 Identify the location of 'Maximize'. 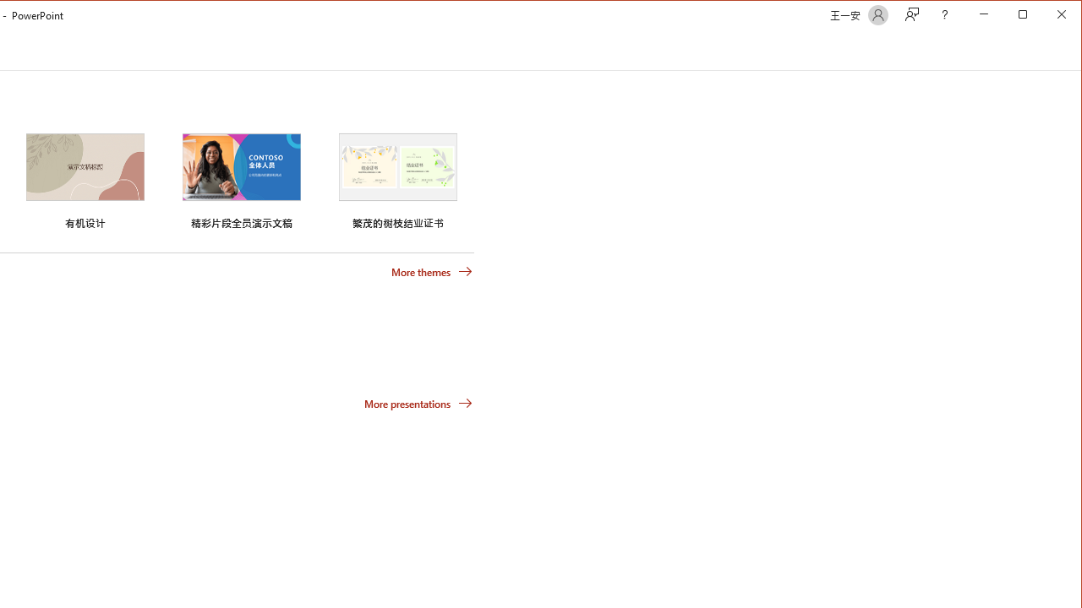
(1046, 16).